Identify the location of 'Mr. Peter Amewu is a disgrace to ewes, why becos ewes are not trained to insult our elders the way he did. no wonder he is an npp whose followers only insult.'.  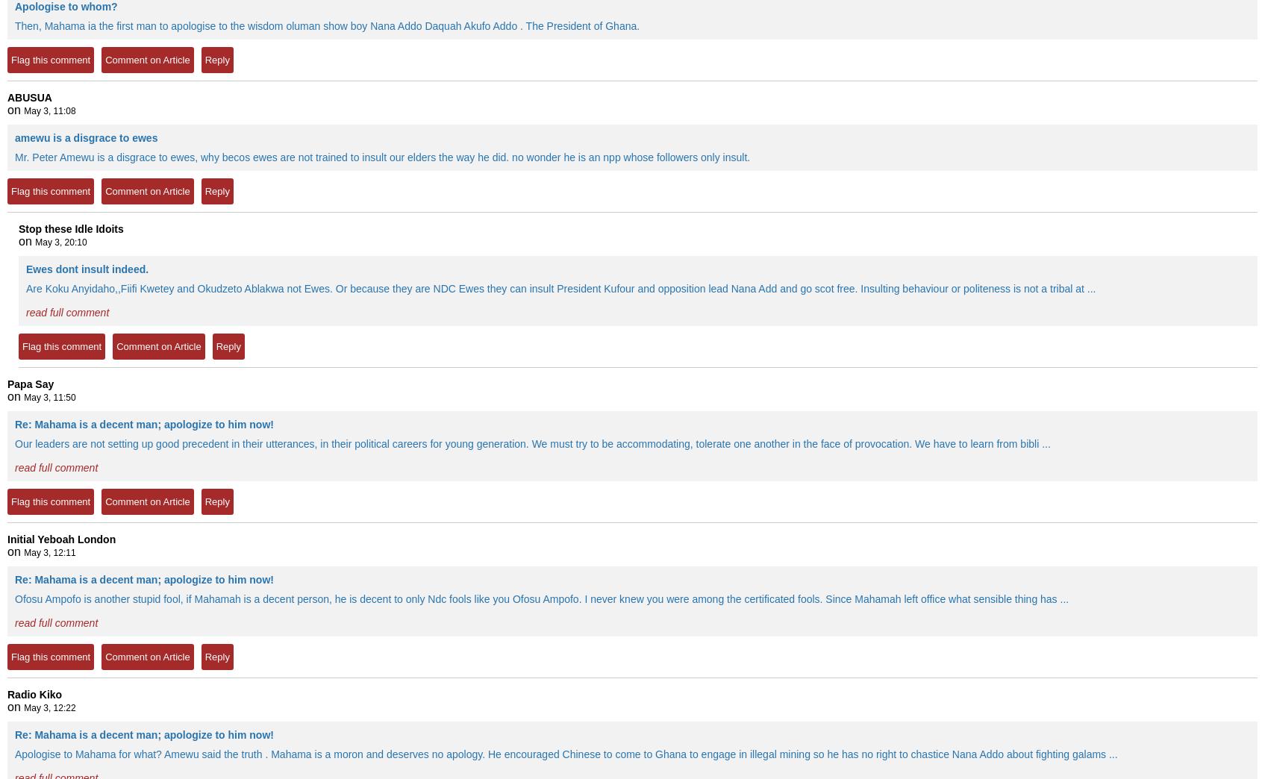
(381, 157).